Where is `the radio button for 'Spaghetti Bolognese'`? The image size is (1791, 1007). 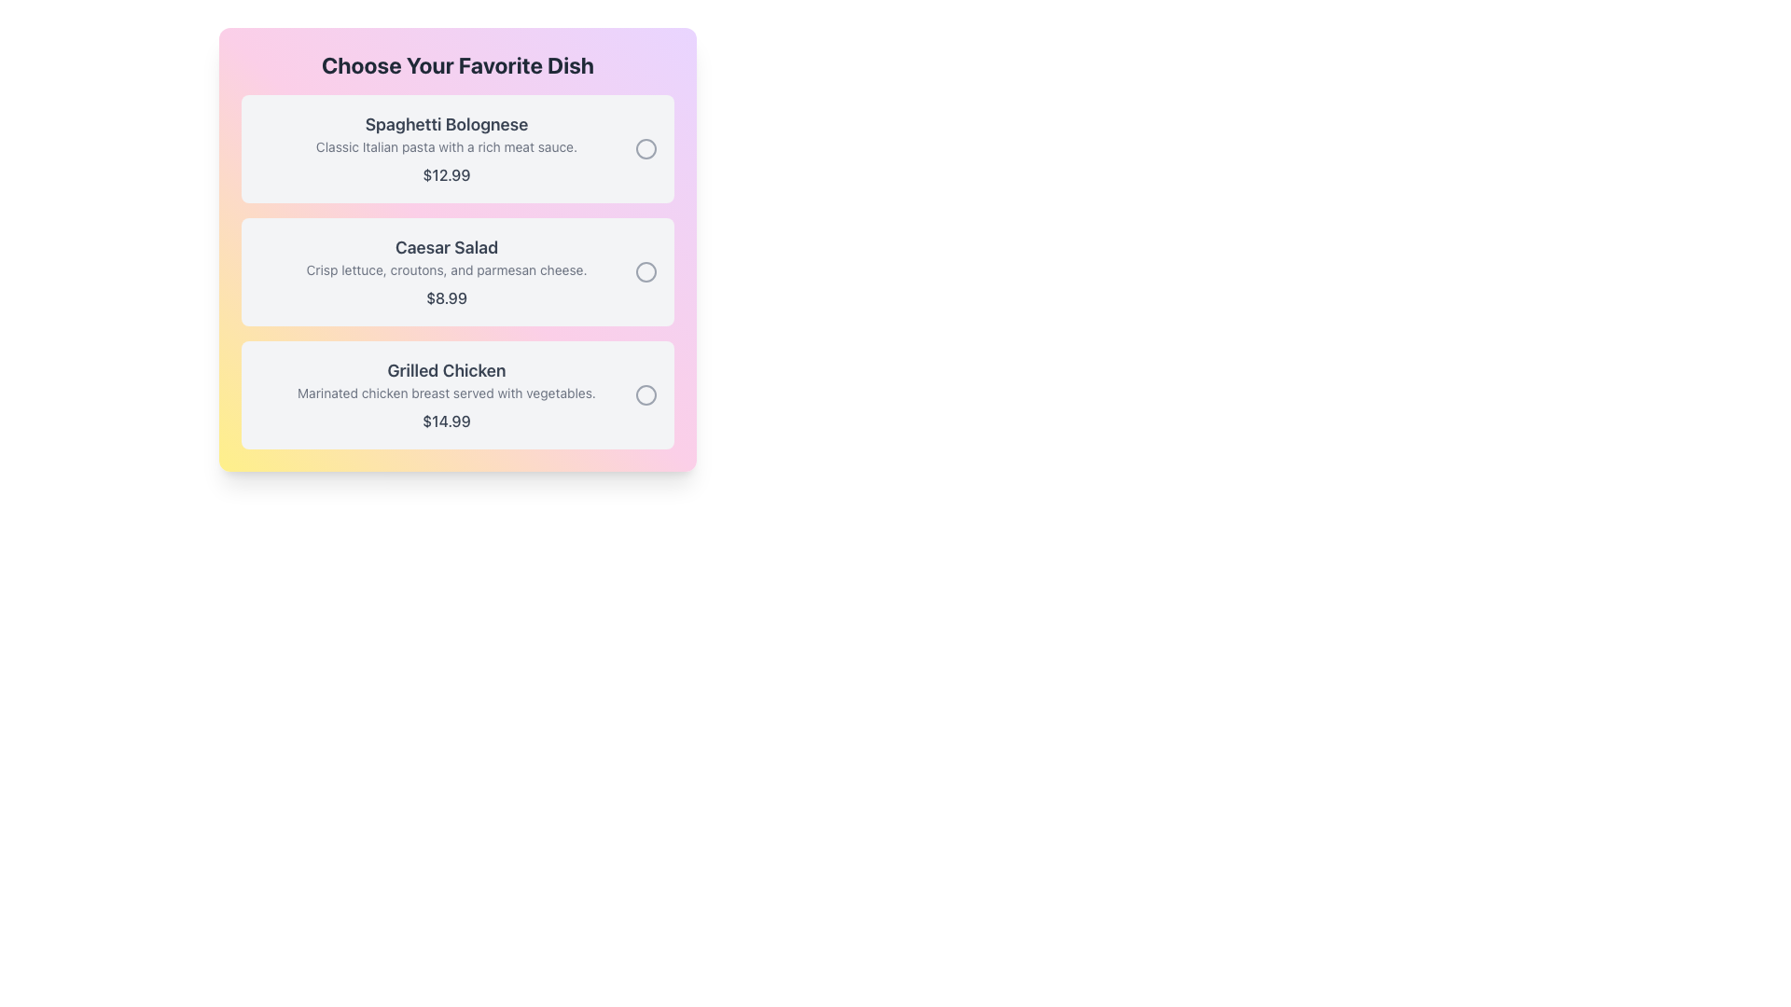 the radio button for 'Spaghetti Bolognese' is located at coordinates (646, 147).